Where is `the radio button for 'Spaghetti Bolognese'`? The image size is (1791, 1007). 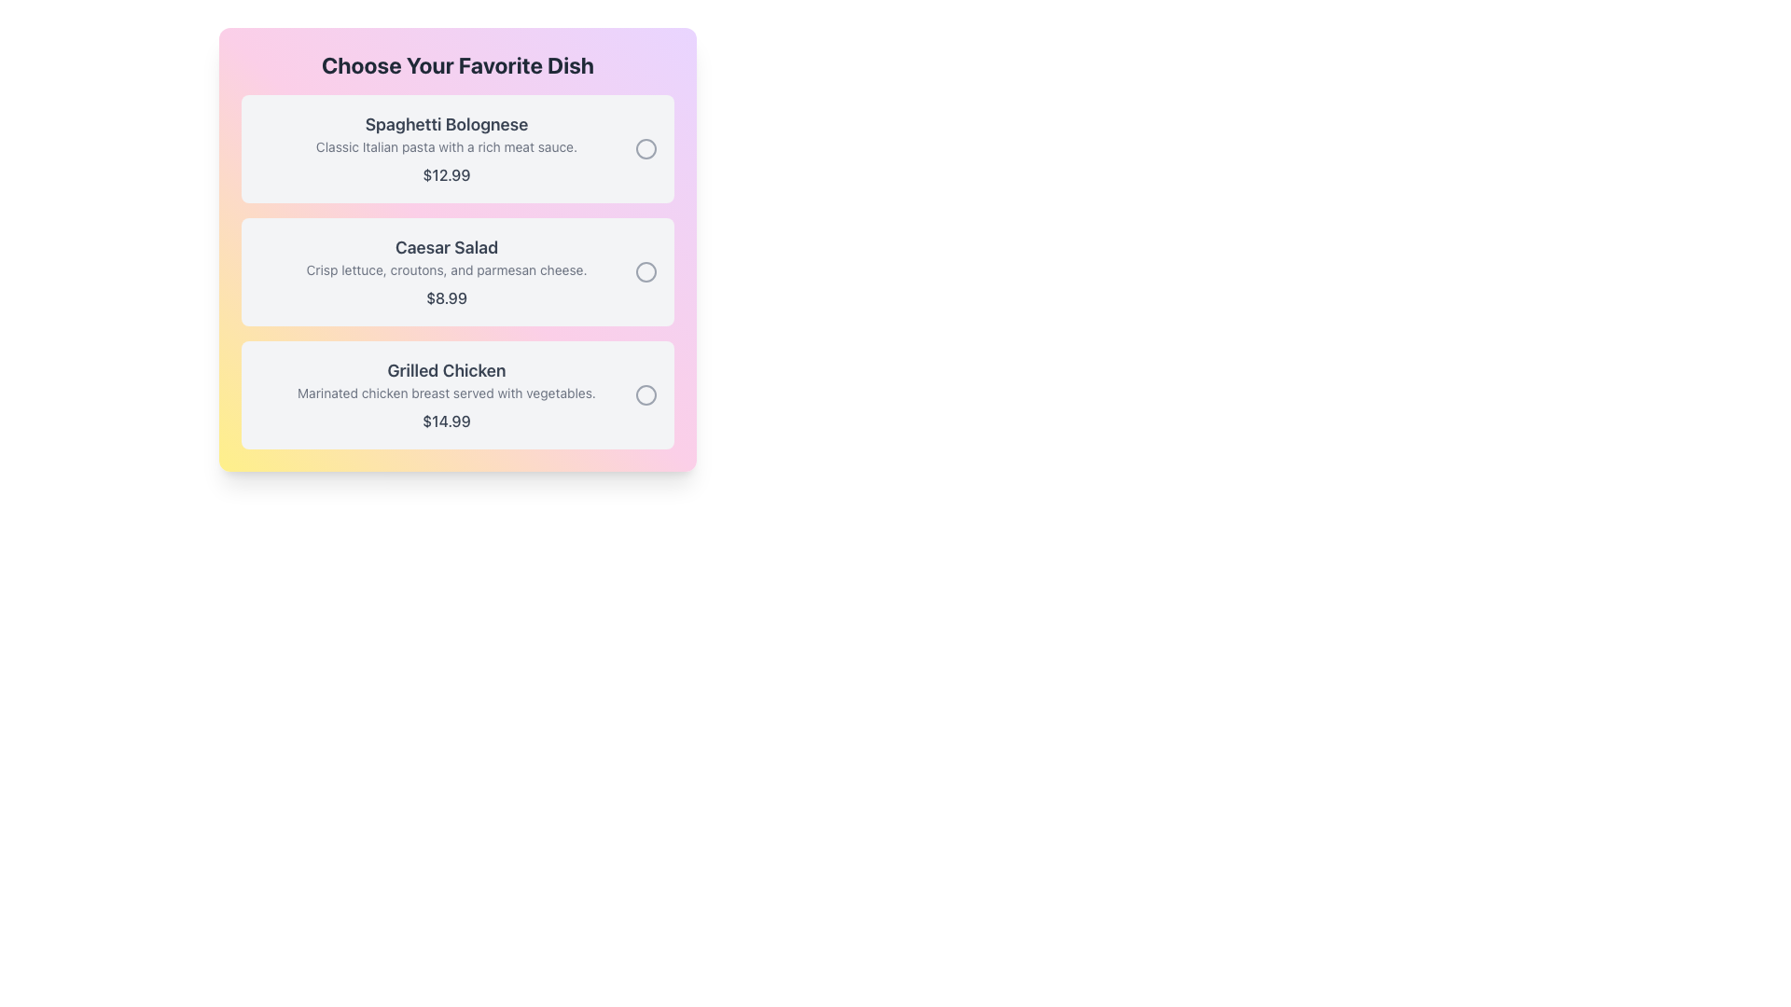 the radio button for 'Spaghetti Bolognese' is located at coordinates (646, 147).